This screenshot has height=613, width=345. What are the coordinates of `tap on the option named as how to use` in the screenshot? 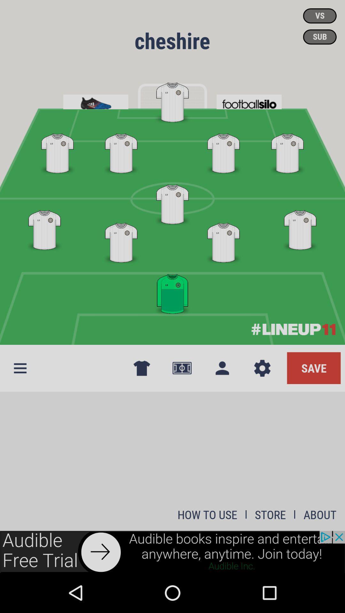 It's located at (207, 515).